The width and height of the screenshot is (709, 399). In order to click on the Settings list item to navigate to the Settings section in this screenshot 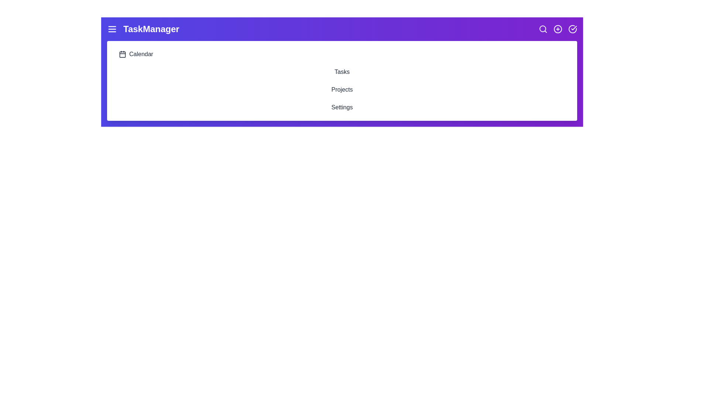, I will do `click(342, 107)`.